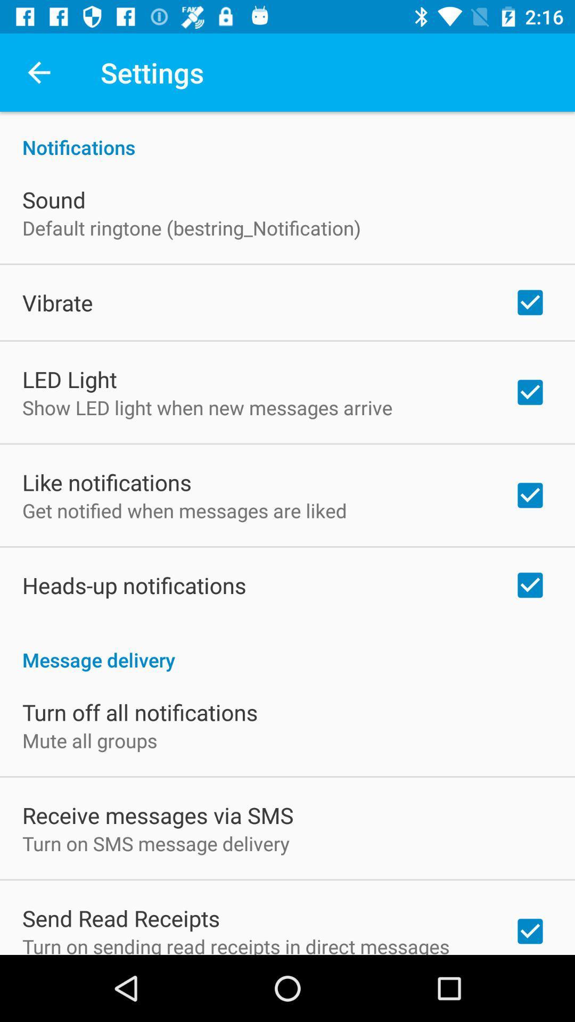 The height and width of the screenshot is (1022, 575). I want to click on the get notified when, so click(184, 510).